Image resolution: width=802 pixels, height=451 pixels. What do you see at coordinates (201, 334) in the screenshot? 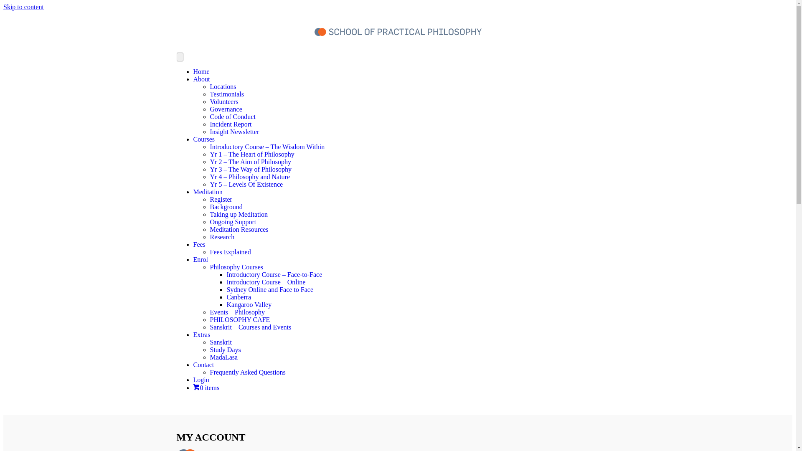
I see `'Extras'` at bounding box center [201, 334].